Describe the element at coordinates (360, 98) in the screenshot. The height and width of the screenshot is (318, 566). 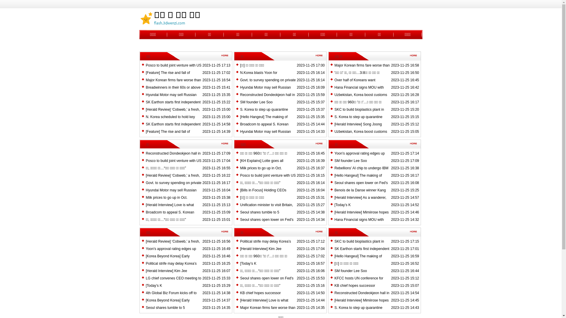
I see `'Uzbekistan, Korea boost customs cooperation'` at that location.